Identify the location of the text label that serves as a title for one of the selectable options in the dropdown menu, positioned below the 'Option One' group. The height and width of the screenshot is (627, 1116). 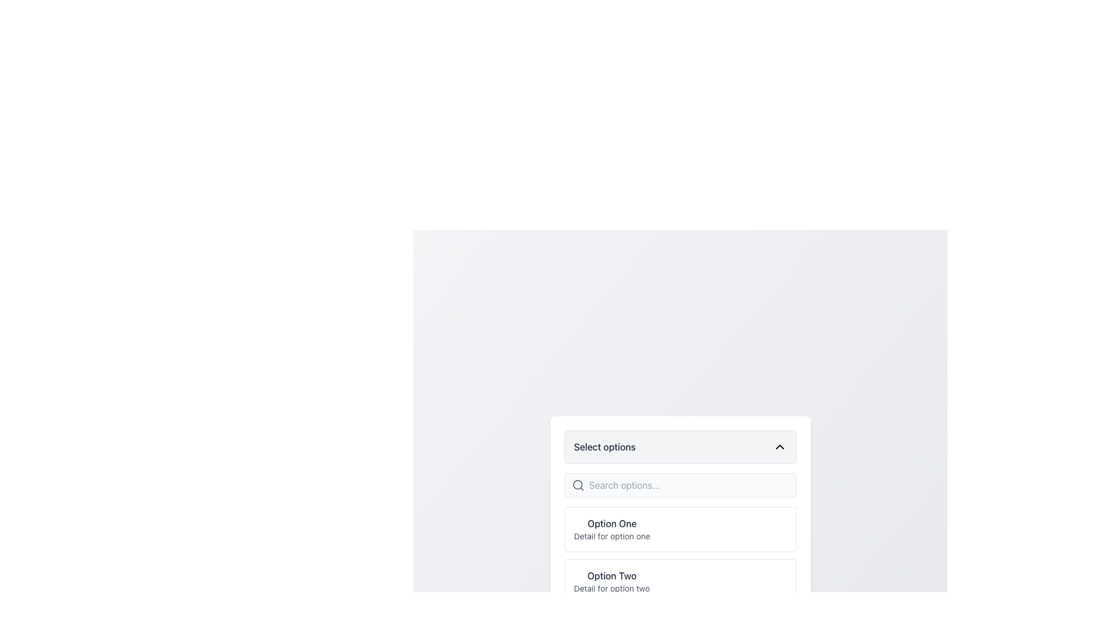
(611, 575).